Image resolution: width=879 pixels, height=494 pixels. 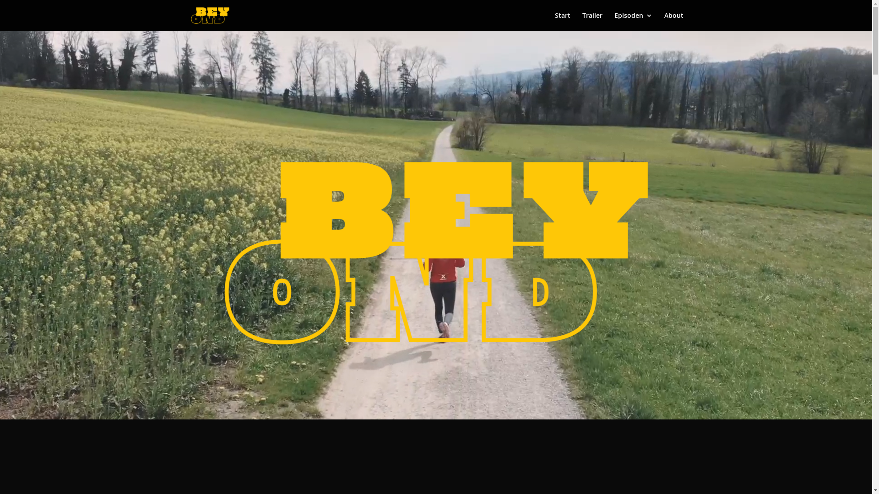 What do you see at coordinates (435, 253) in the screenshot?
I see `'cropped-Beyond_Logo1-1.png'` at bounding box center [435, 253].